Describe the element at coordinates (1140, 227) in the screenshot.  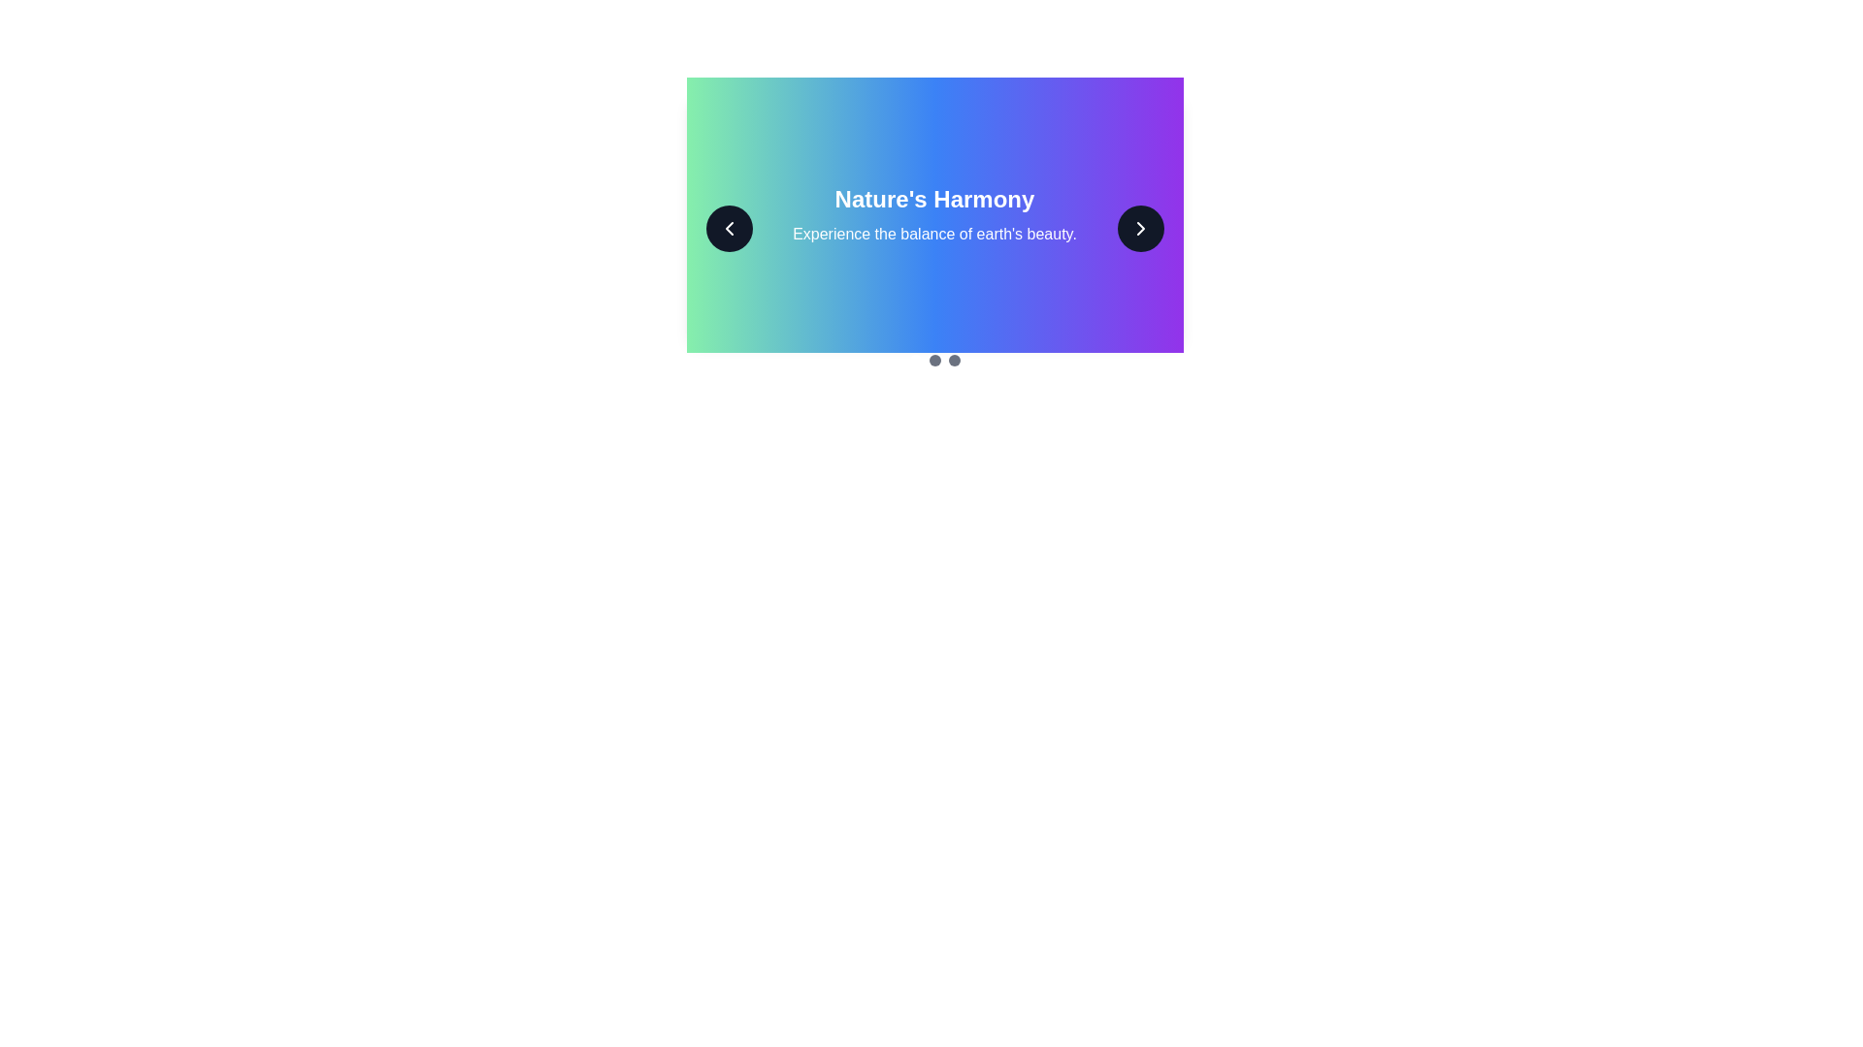
I see `the chevron icon inside the circular button on the right side of the gradient box` at that location.